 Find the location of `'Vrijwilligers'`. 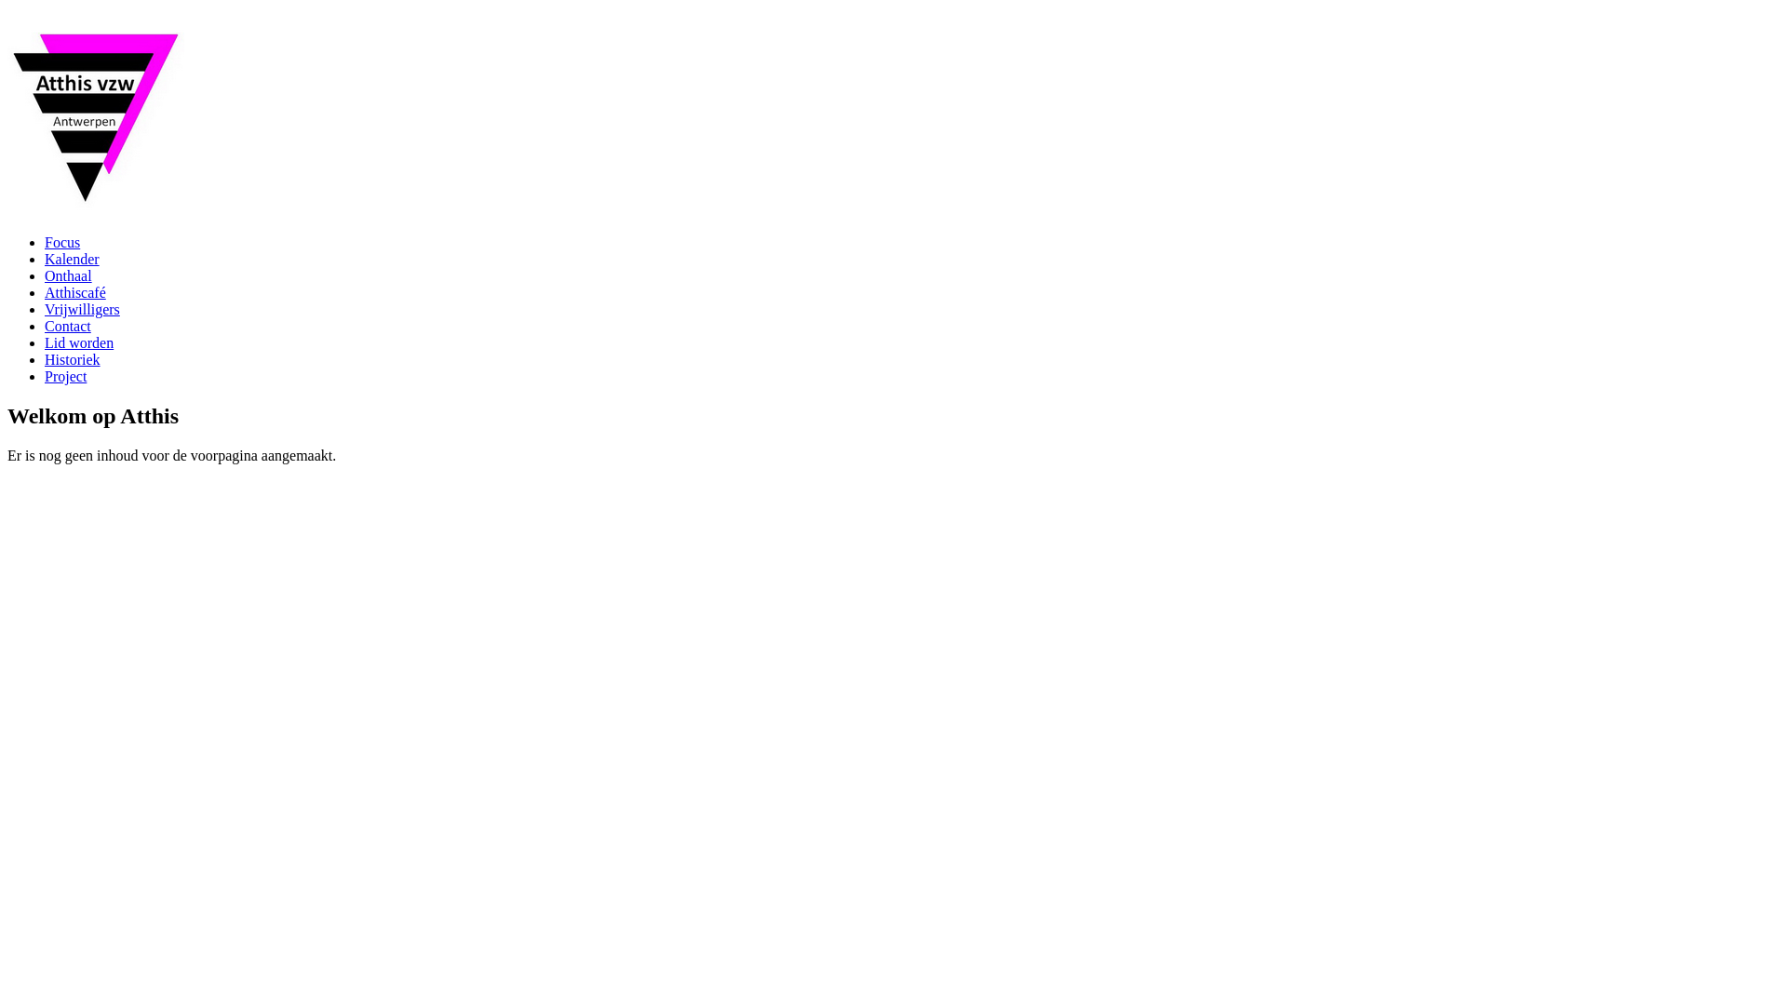

'Vrijwilligers' is located at coordinates (81, 308).